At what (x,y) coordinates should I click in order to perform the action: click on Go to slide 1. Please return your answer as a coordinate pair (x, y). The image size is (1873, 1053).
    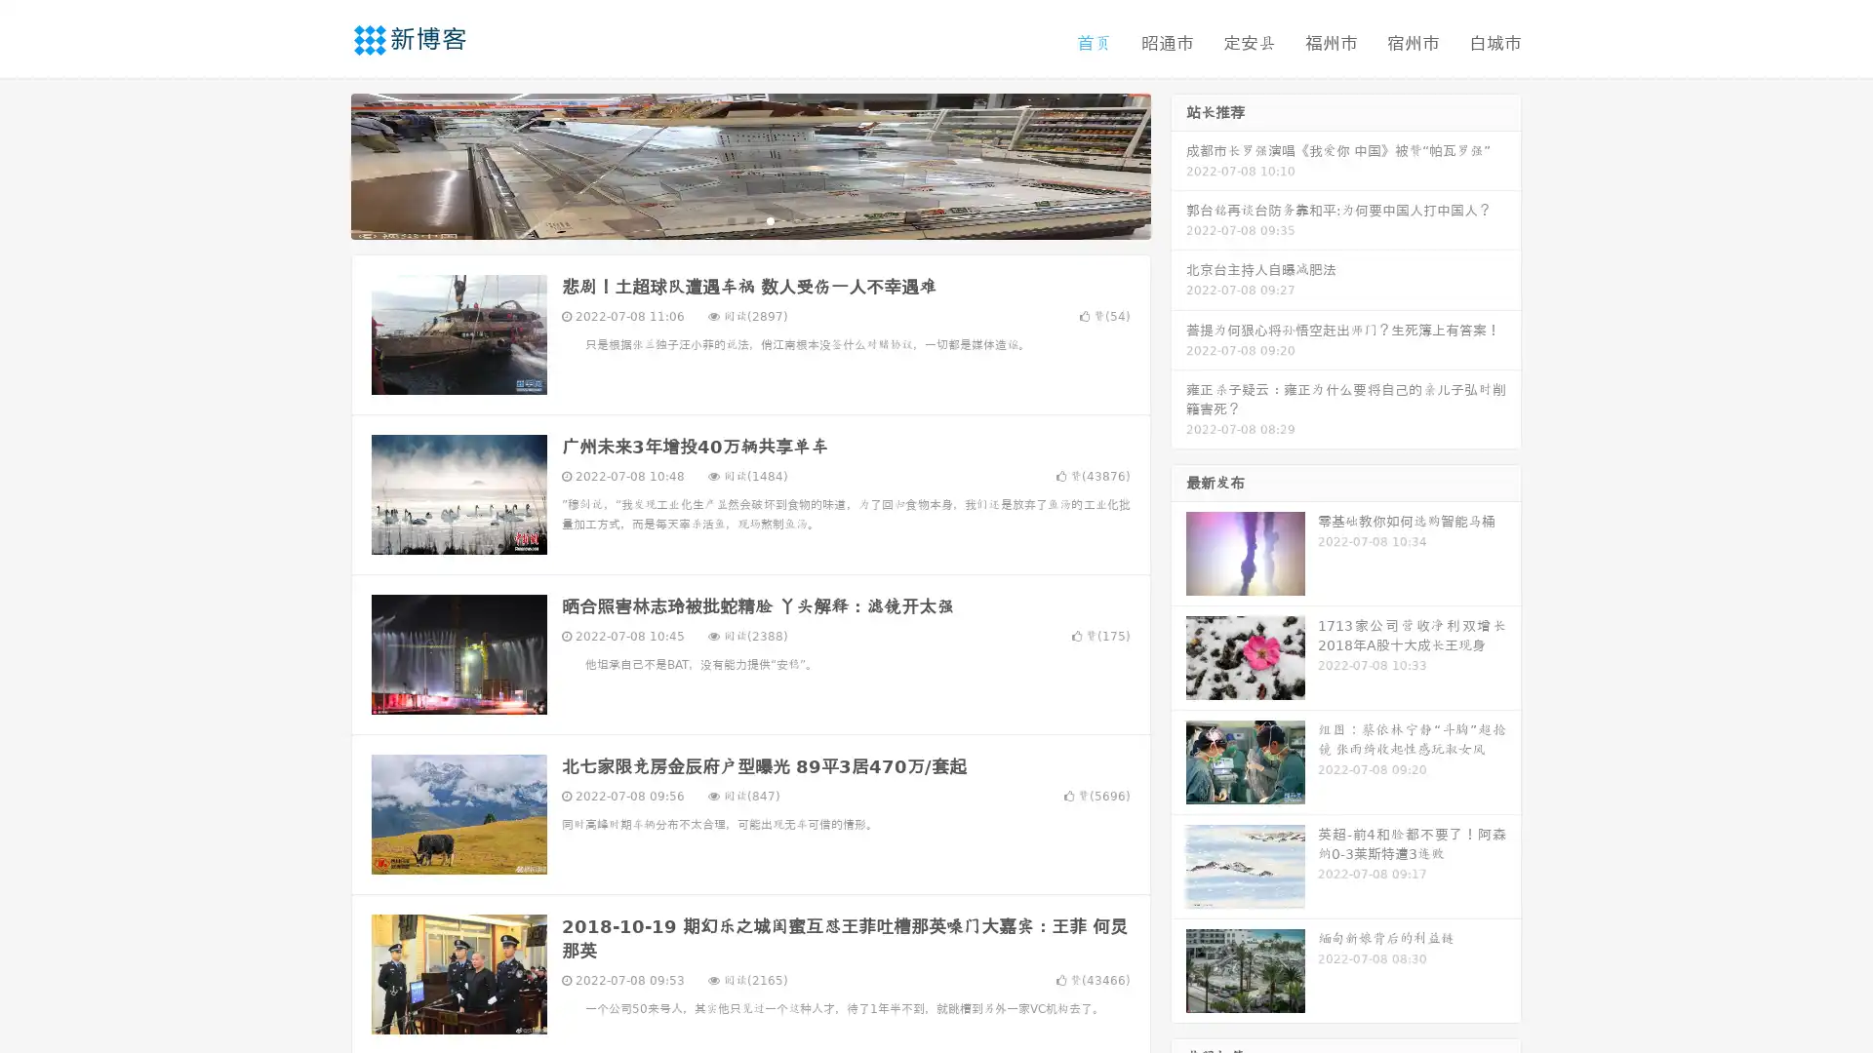
    Looking at the image, I should click on (730, 219).